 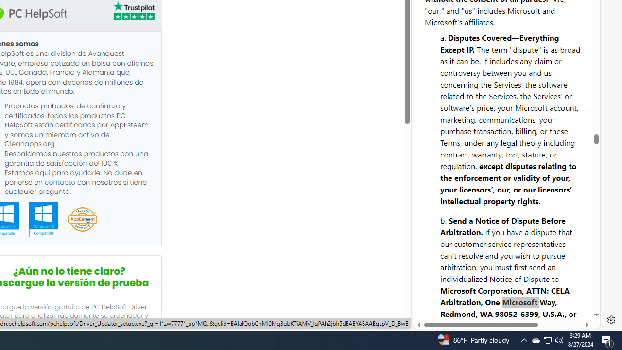 I want to click on 'App Esteem', so click(x=82, y=220).